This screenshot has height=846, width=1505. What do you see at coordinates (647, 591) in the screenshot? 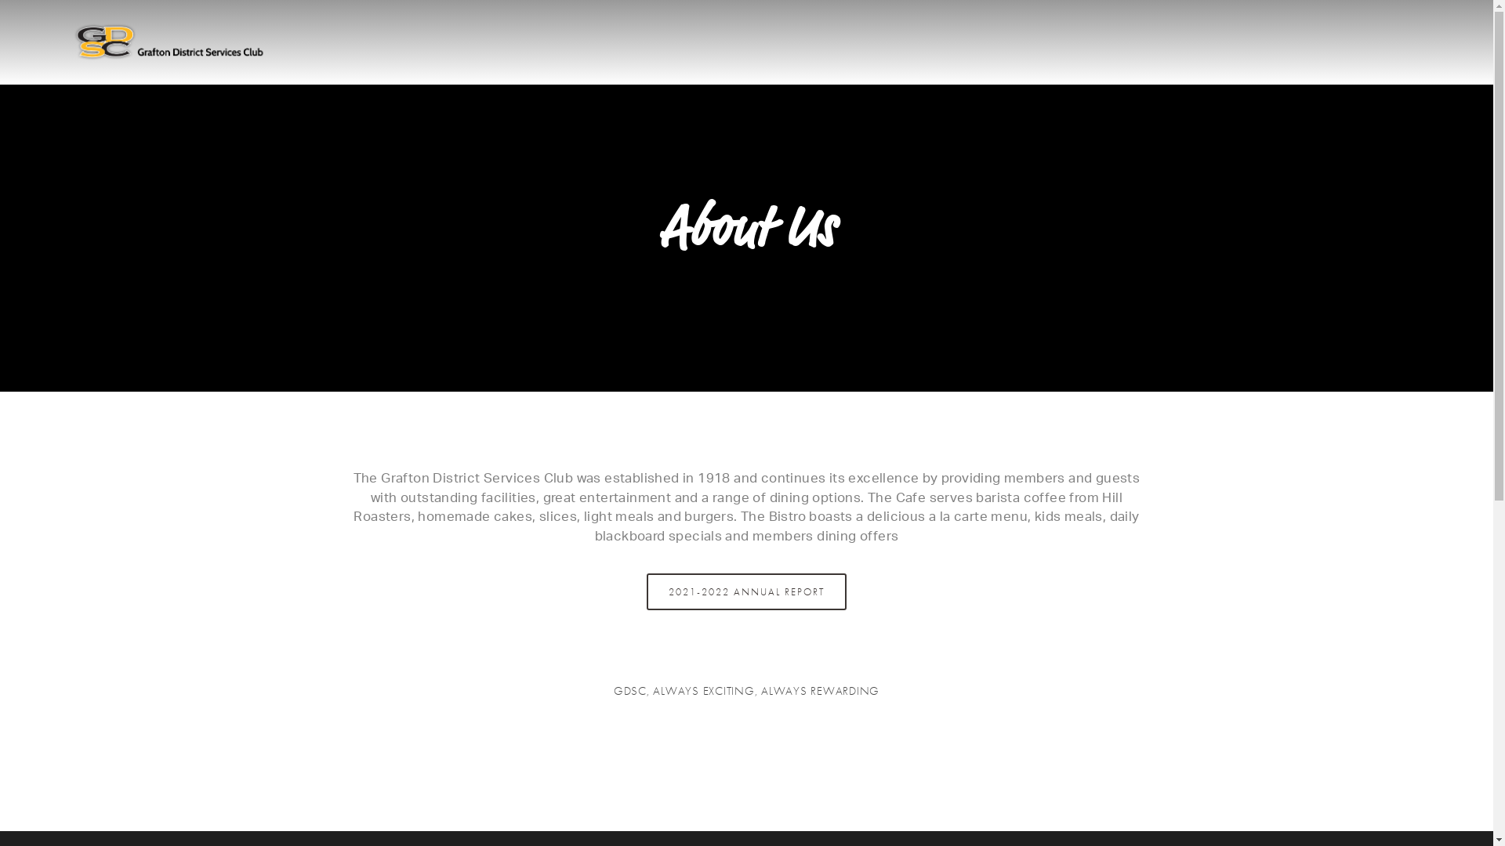
I see `'2021-2022 ANNUAL REPORT'` at bounding box center [647, 591].